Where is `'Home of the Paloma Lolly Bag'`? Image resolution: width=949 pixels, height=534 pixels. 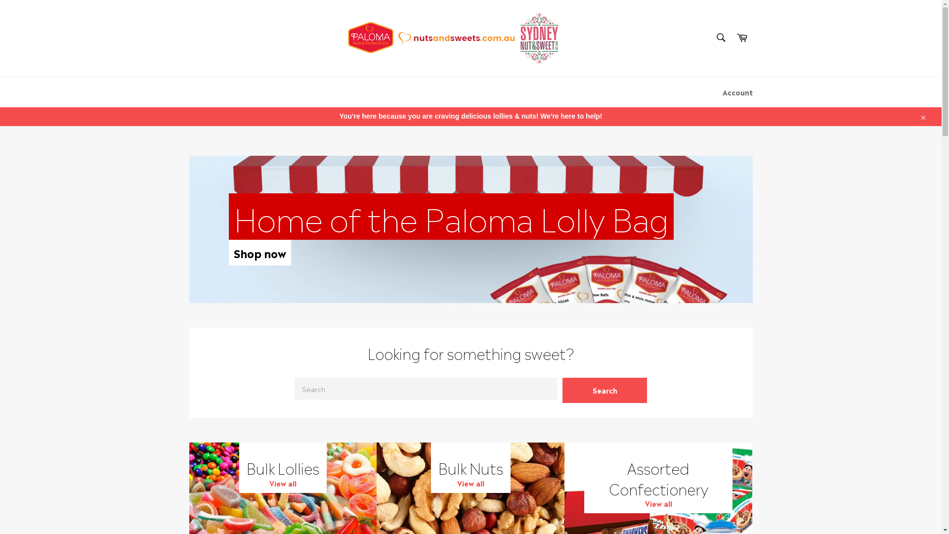 'Home of the Paloma Lolly Bag' is located at coordinates (227, 216).